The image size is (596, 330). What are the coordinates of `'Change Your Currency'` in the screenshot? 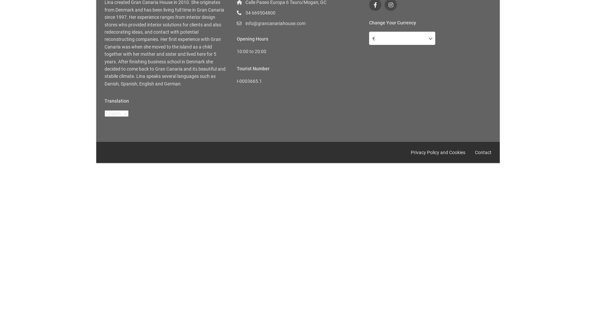 It's located at (392, 22).